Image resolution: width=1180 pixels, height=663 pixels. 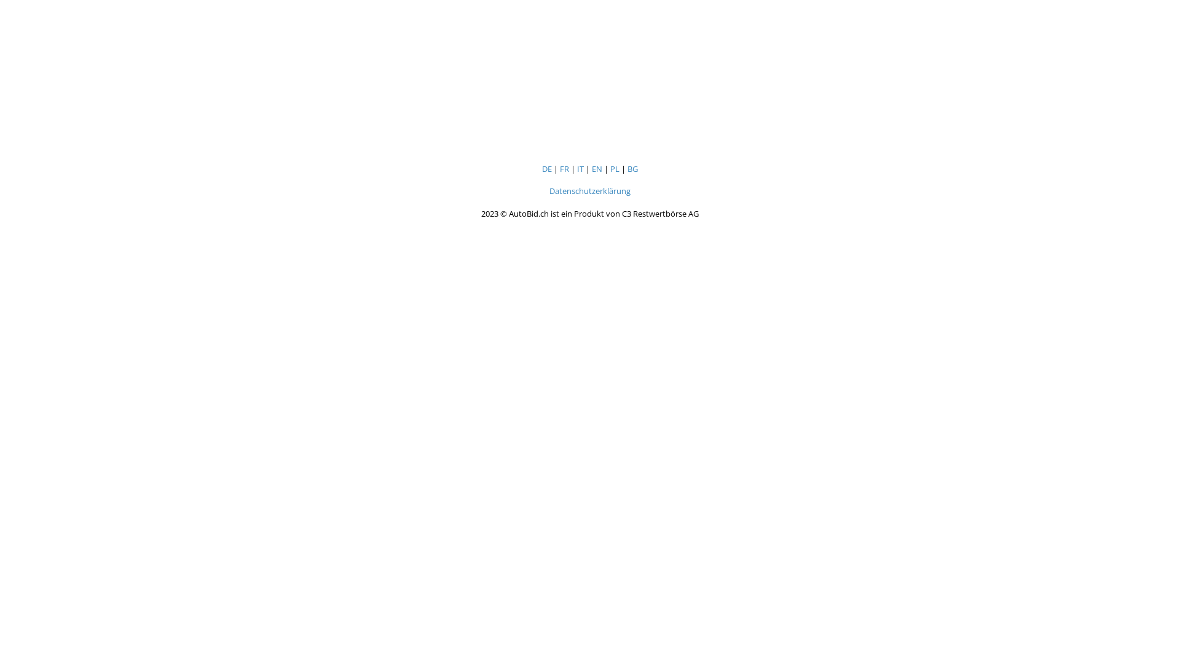 What do you see at coordinates (615, 168) in the screenshot?
I see `'PL'` at bounding box center [615, 168].